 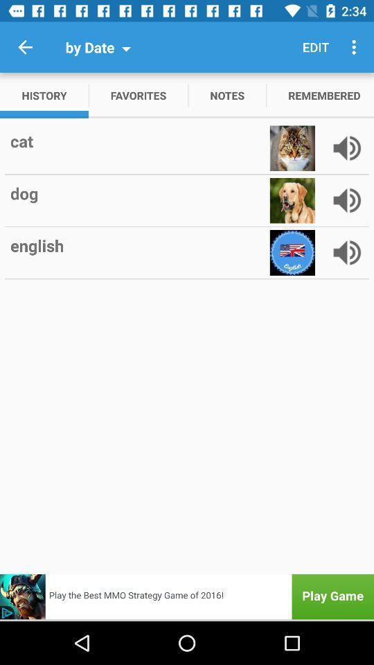 I want to click on icon above remembered icon, so click(x=315, y=47).